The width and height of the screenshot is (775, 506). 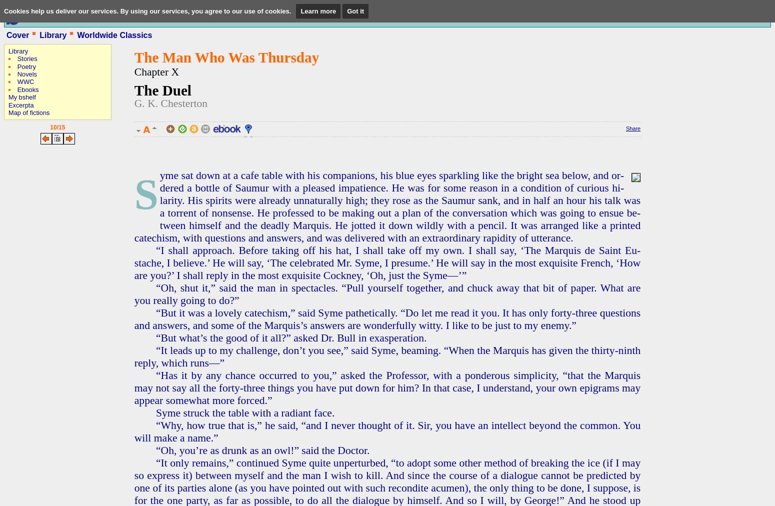 What do you see at coordinates (155, 71) in the screenshot?
I see `'Chapter X'` at bounding box center [155, 71].